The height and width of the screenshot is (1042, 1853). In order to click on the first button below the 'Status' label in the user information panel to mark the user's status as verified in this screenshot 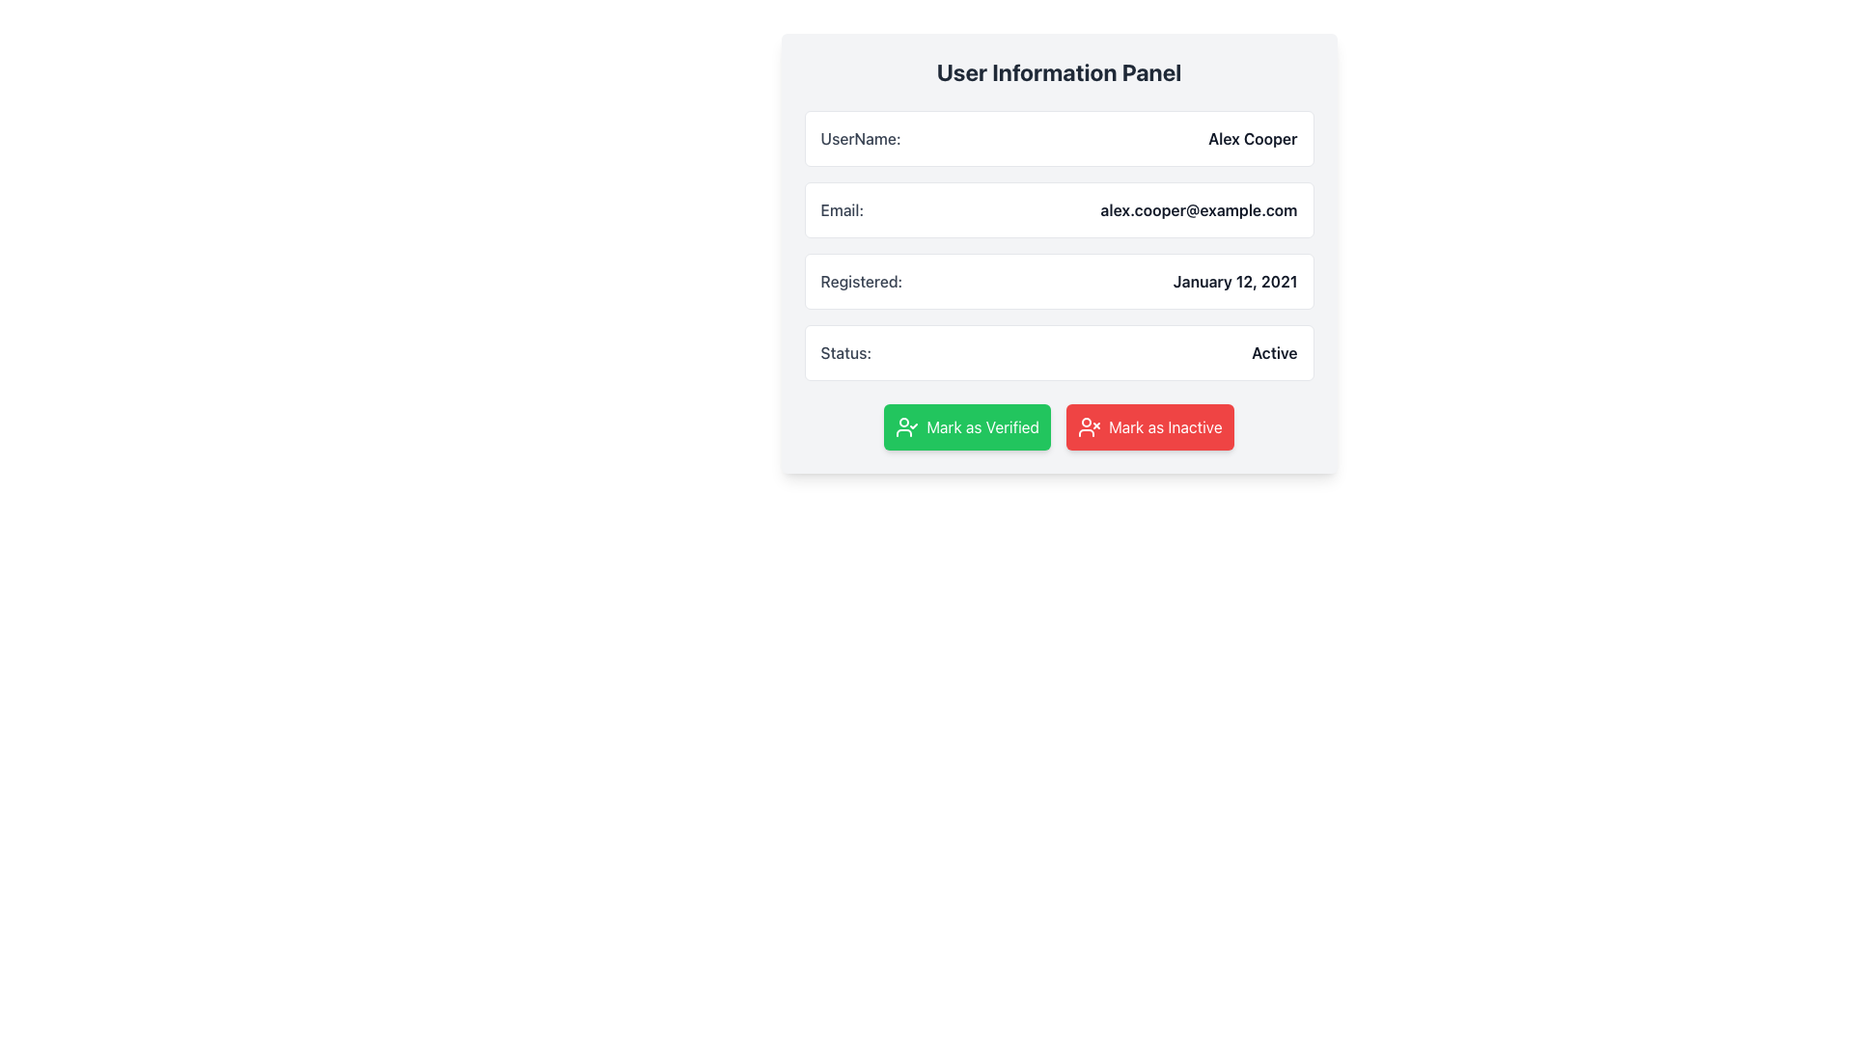, I will do `click(967, 426)`.